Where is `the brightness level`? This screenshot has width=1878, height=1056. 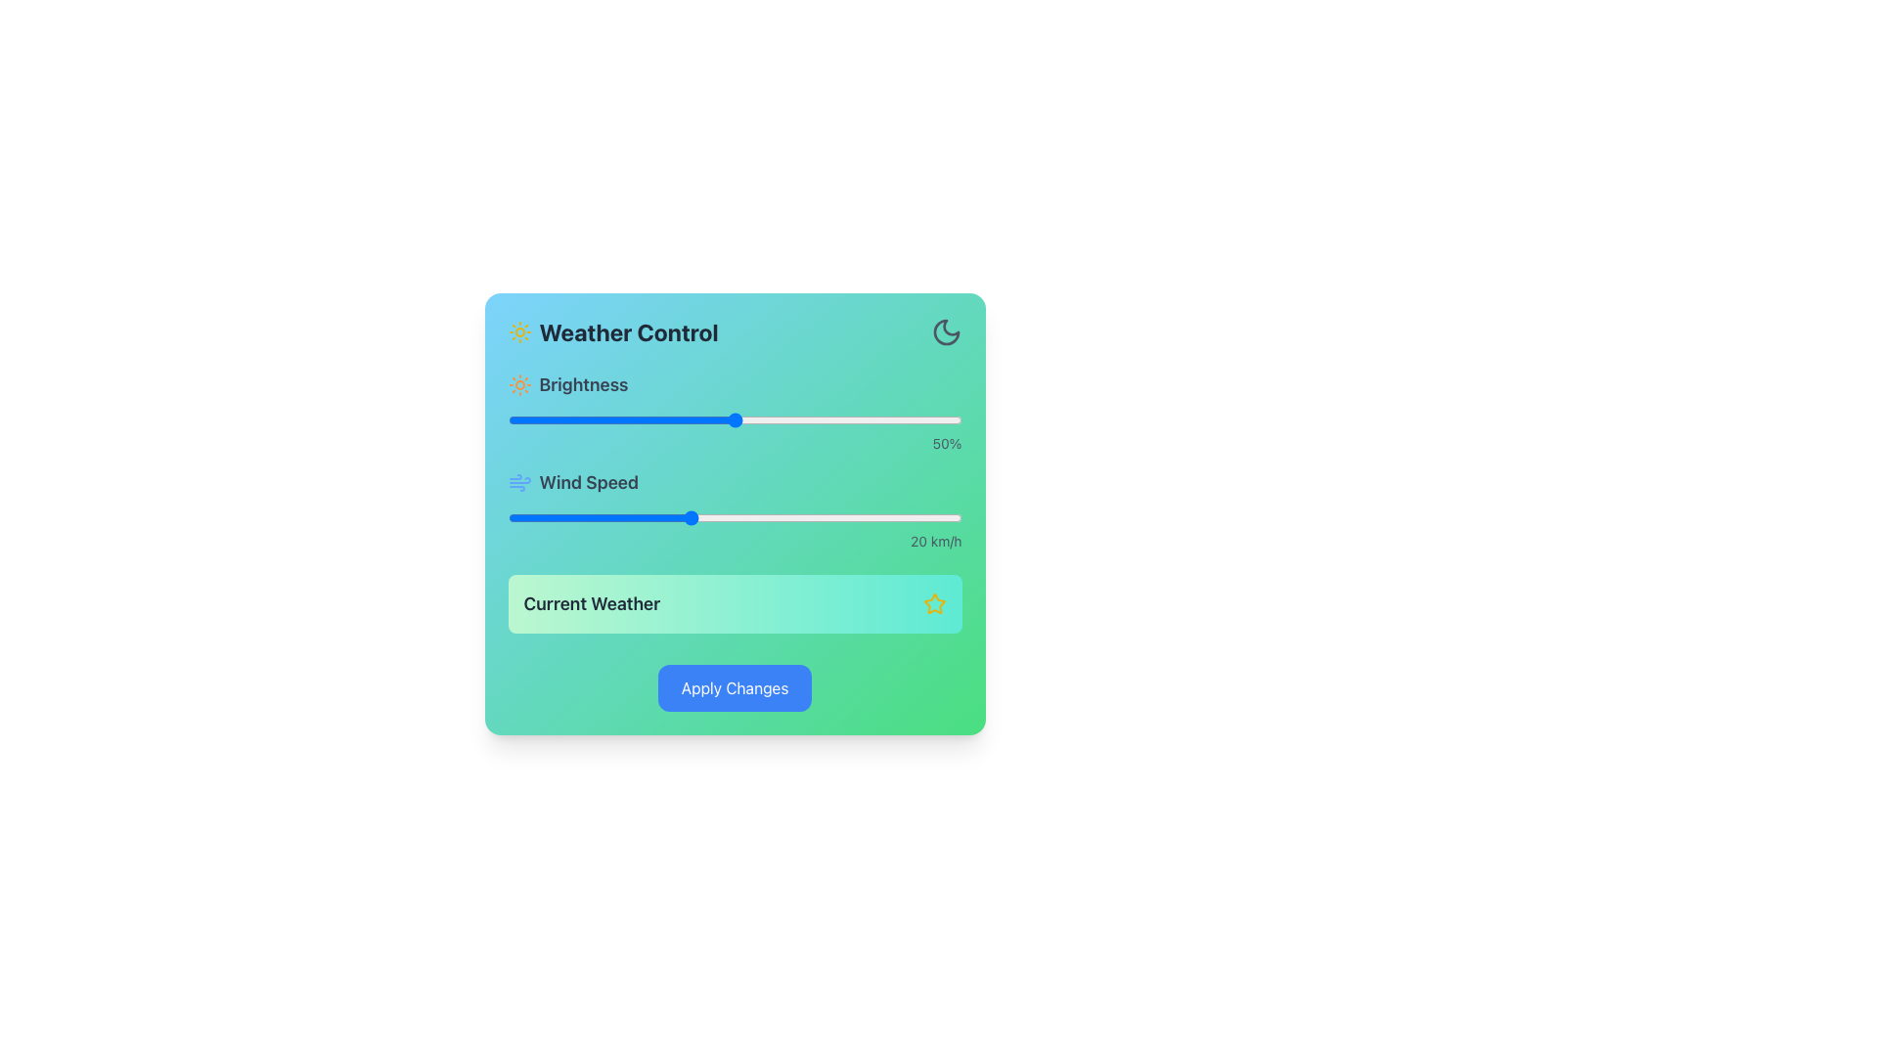 the brightness level is located at coordinates (870, 418).